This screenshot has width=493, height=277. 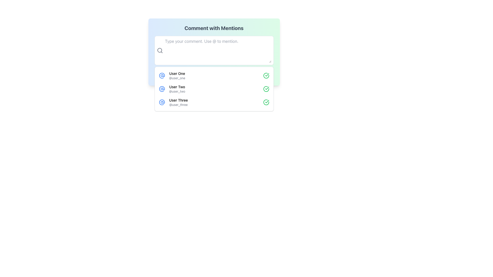 I want to click on the username handle '@user_one' displayed in gray, located beneath 'User One' in the user suggestions list, so click(x=177, y=78).